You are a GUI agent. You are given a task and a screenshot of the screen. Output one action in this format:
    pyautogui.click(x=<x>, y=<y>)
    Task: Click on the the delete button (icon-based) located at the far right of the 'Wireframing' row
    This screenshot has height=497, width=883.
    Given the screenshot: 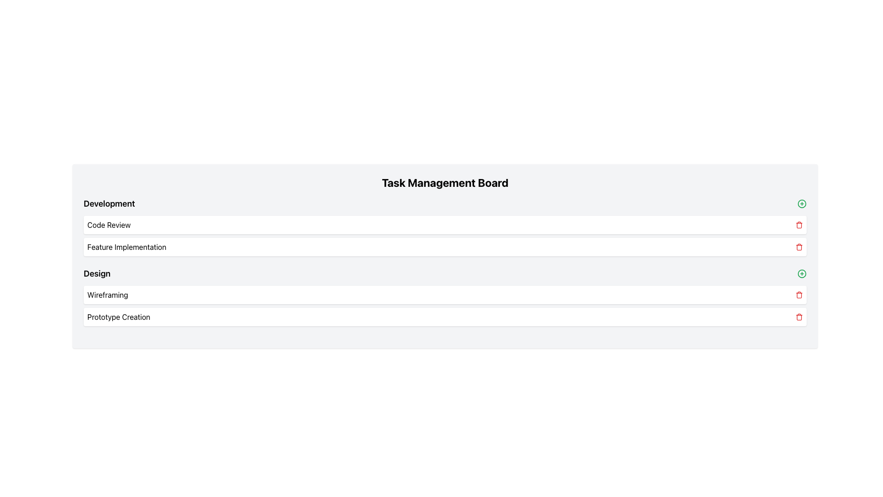 What is the action you would take?
    pyautogui.click(x=798, y=295)
    